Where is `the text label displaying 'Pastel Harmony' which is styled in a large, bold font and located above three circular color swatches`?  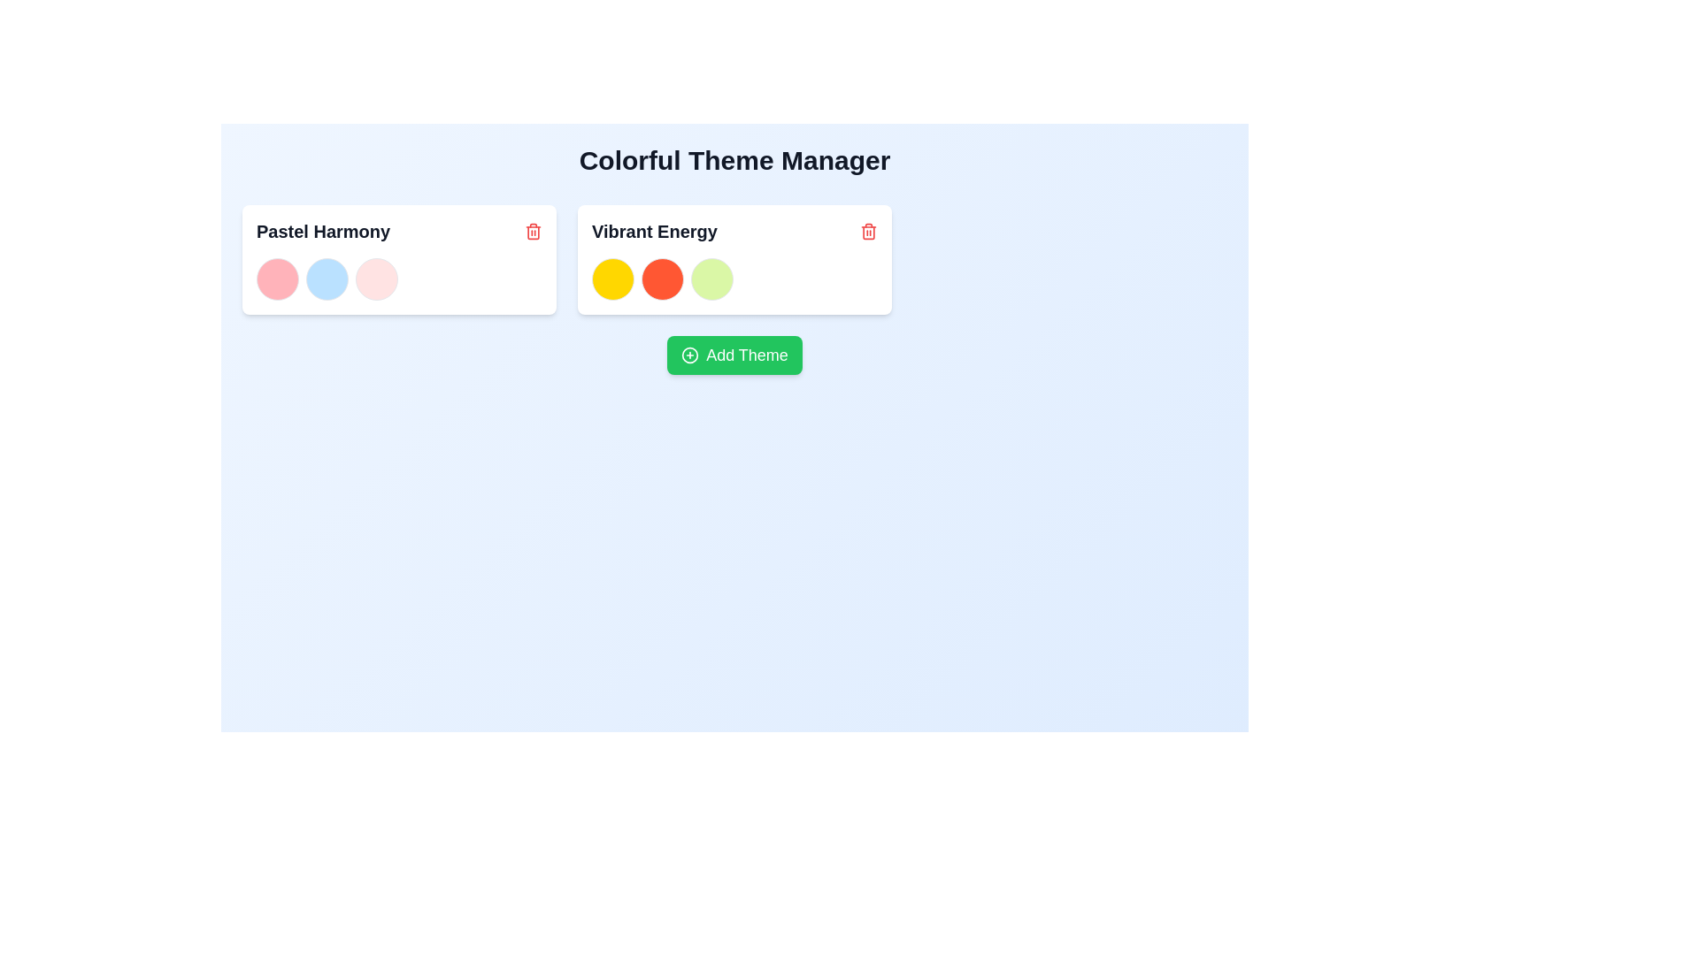 the text label displaying 'Pastel Harmony' which is styled in a large, bold font and located above three circular color swatches is located at coordinates (323, 231).